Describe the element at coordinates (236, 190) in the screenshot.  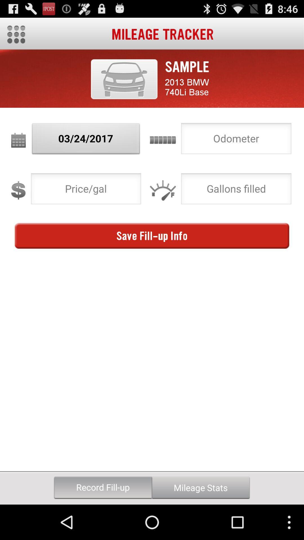
I see `choose option` at that location.